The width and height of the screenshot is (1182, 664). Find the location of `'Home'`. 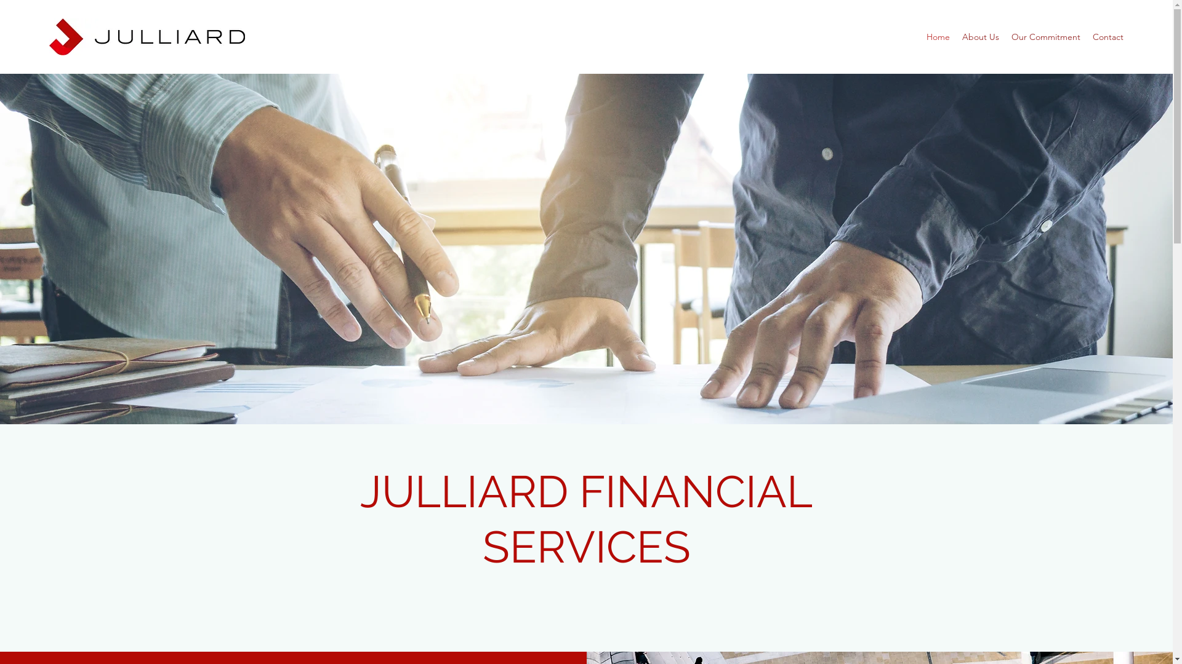

'Home' is located at coordinates (937, 36).